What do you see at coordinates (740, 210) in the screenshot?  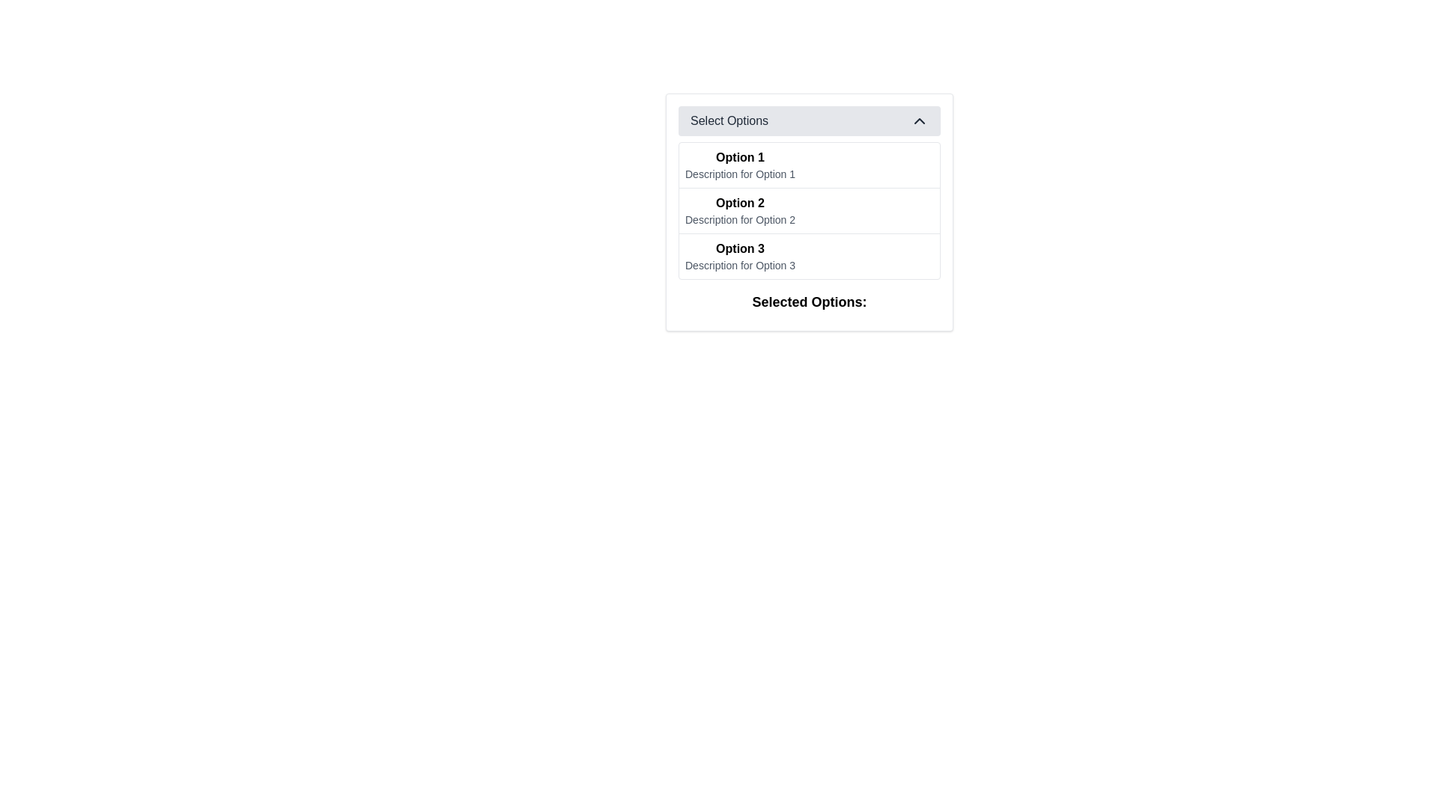 I see `the clickable menu option labeled 'Option 2' in the dropdown list` at bounding box center [740, 210].